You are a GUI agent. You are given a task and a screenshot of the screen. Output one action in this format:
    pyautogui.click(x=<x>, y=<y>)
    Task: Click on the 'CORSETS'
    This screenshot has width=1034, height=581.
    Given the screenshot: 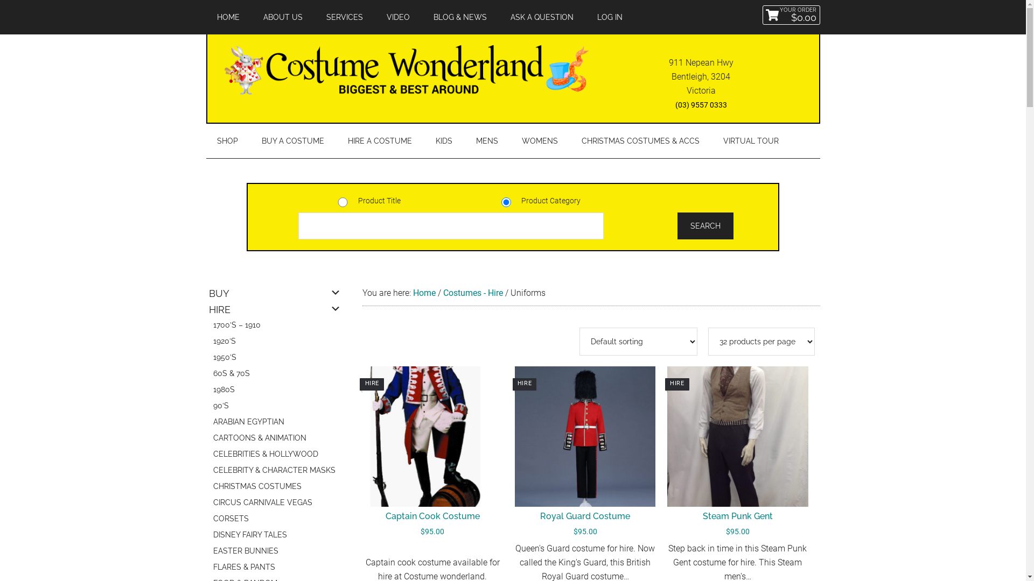 What is the action you would take?
    pyautogui.click(x=209, y=520)
    